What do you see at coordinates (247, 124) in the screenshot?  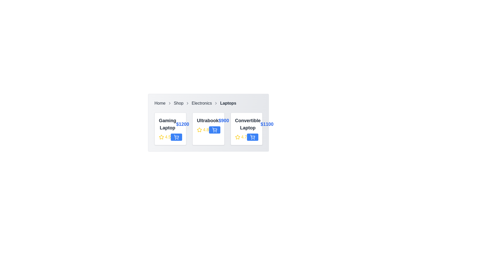 I see `the Text label indicating the name or model of the product, which is located above the price information in the third card of laptop offerings` at bounding box center [247, 124].